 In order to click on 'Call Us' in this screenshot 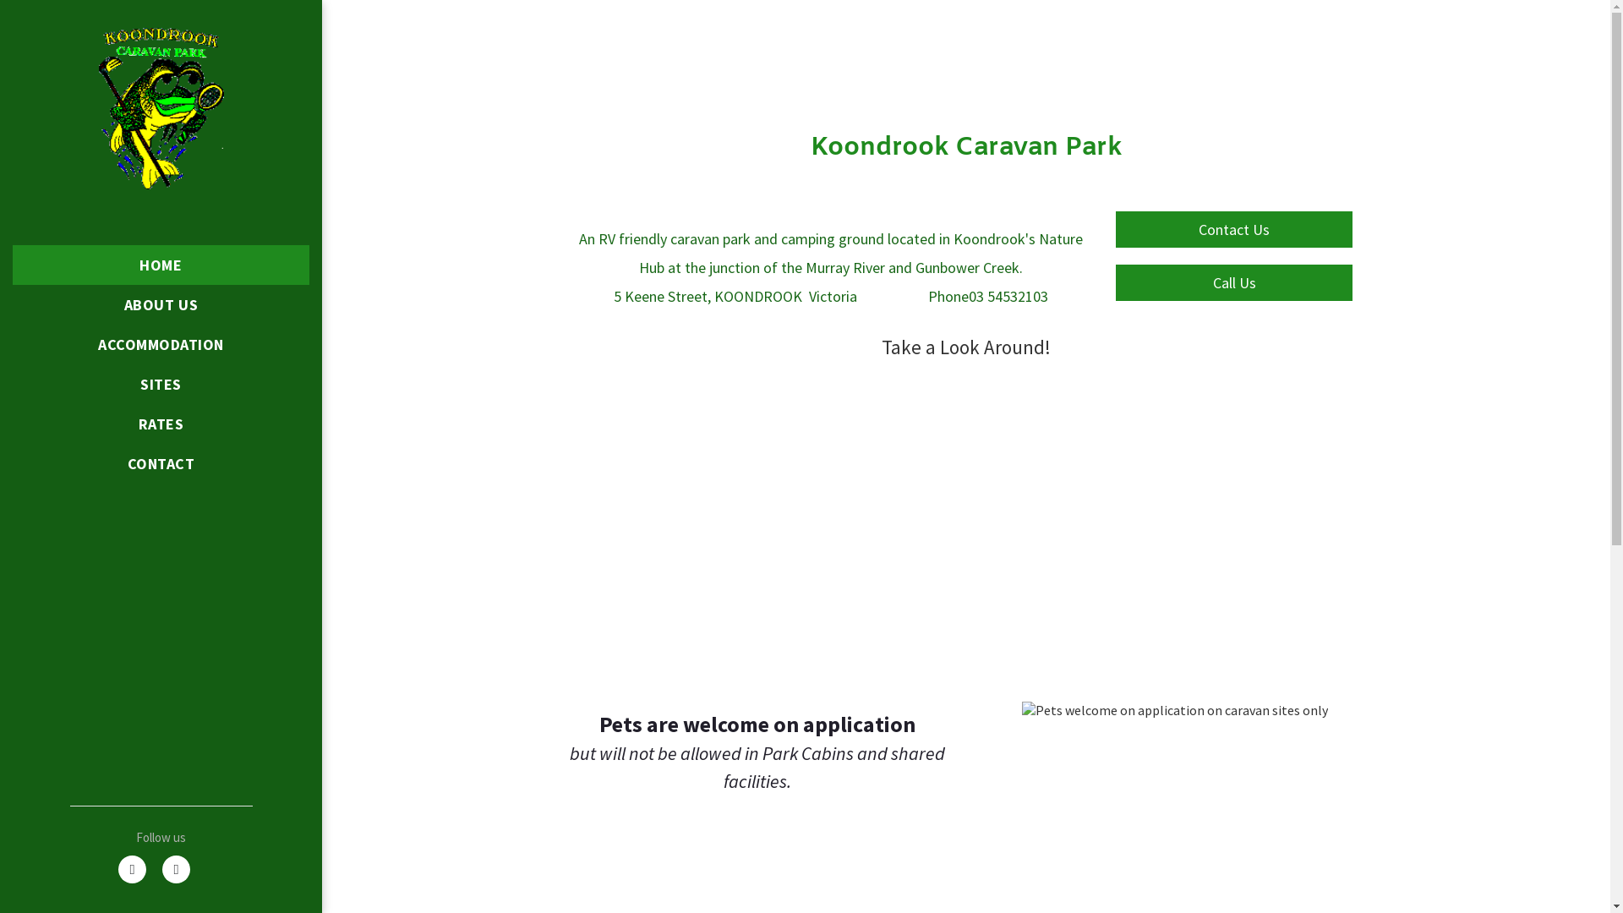, I will do `click(1233, 282)`.